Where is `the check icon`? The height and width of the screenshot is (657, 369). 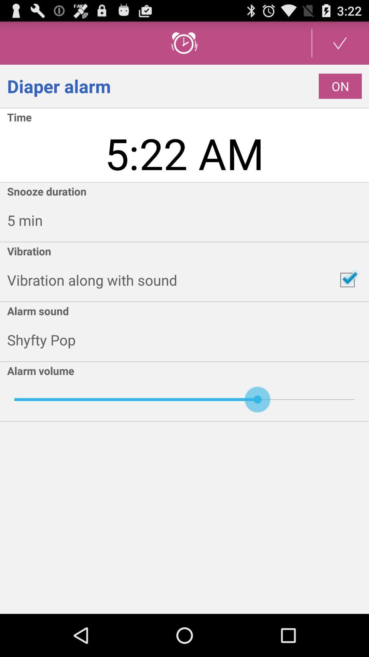 the check icon is located at coordinates (340, 46).